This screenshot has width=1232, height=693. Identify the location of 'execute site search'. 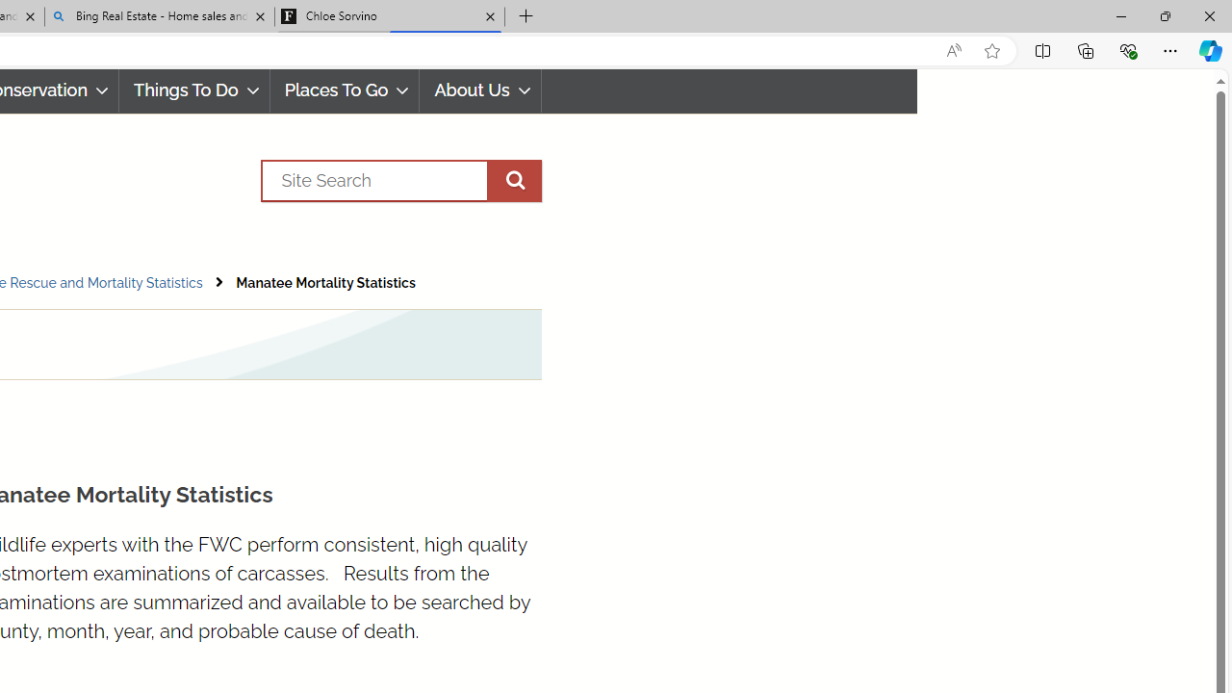
(514, 180).